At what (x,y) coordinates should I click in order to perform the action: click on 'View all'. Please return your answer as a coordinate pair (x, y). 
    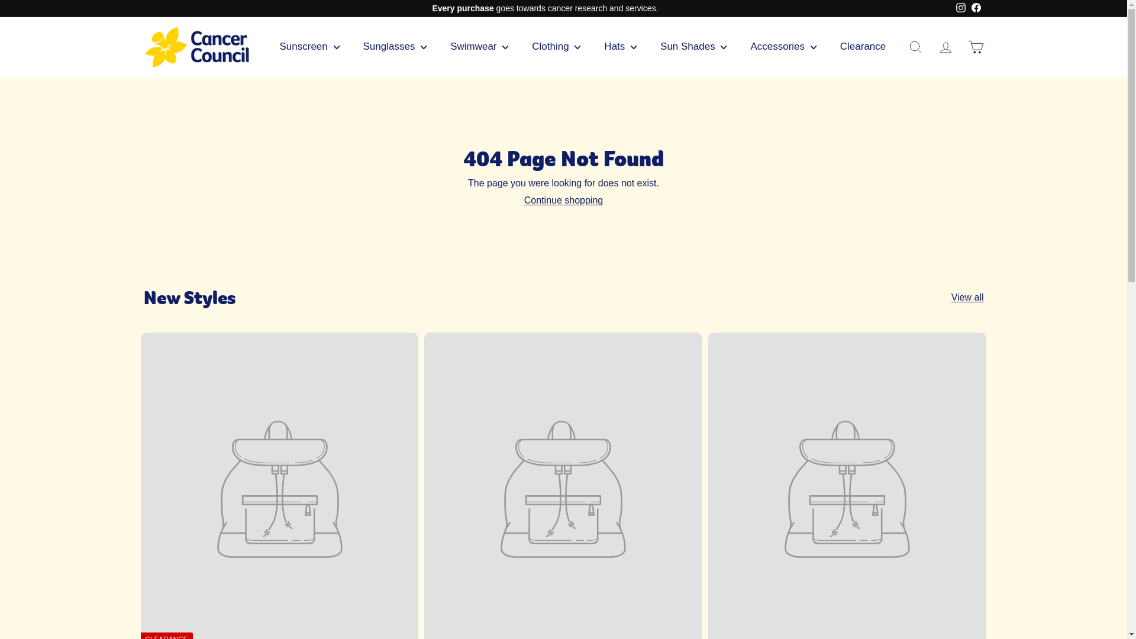
    Looking at the image, I should click on (967, 296).